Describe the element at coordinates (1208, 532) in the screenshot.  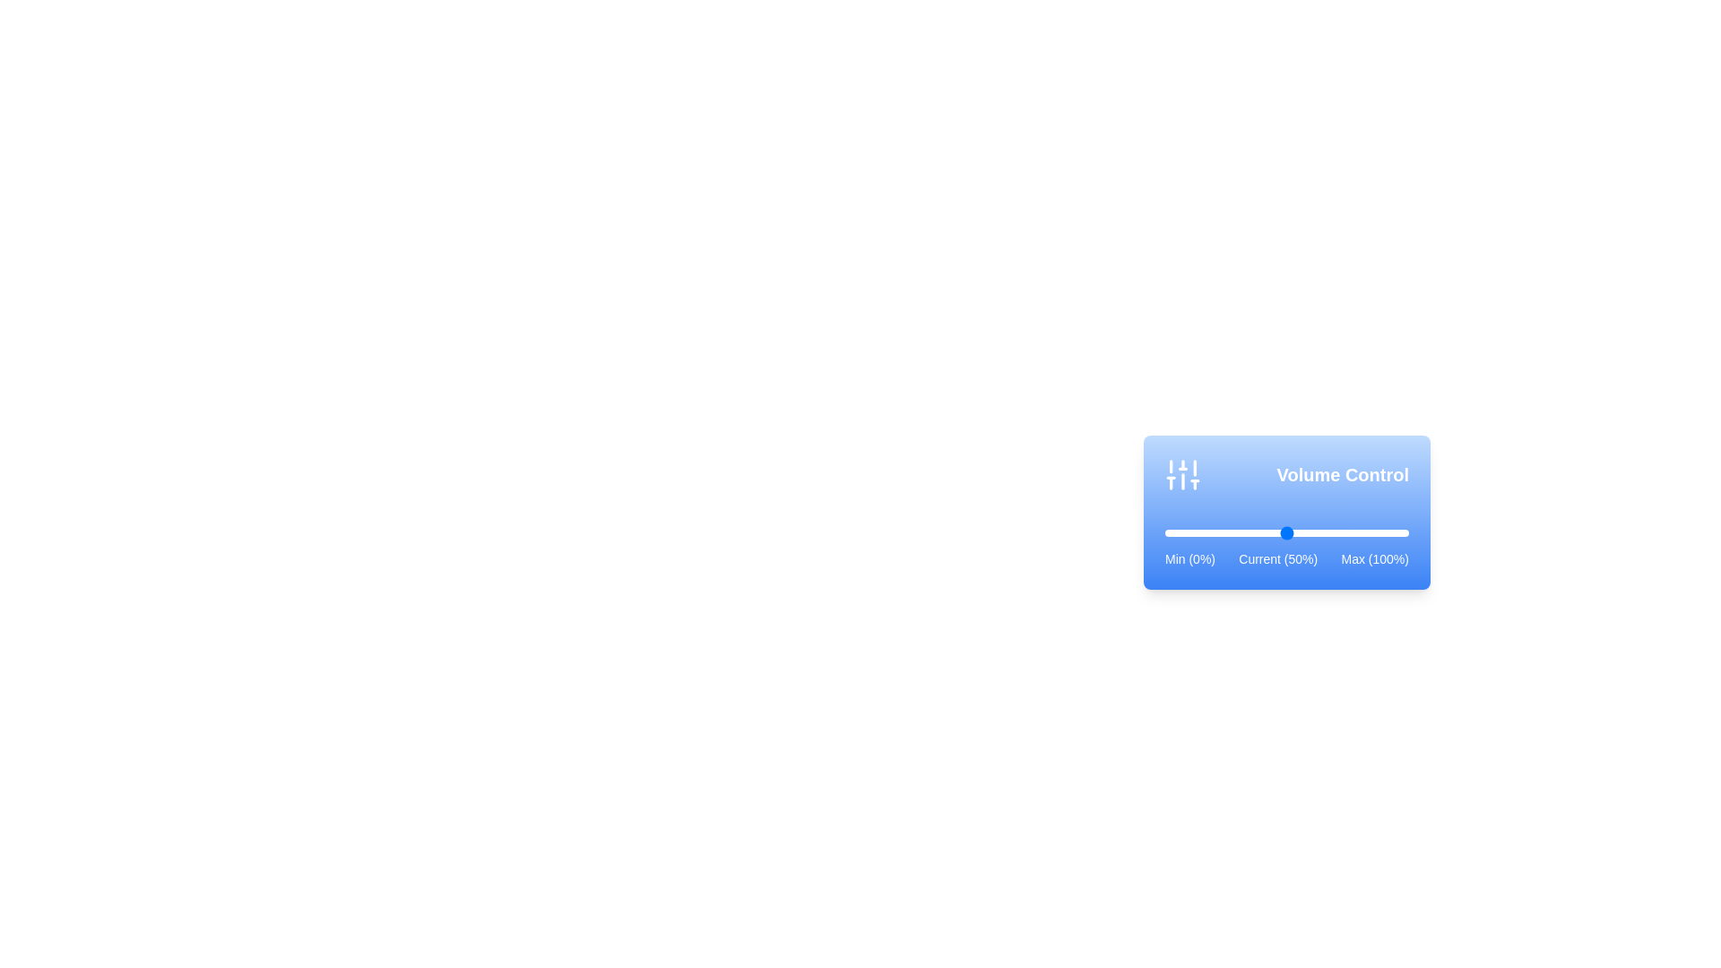
I see `the slider to set its value to 18%` at that location.